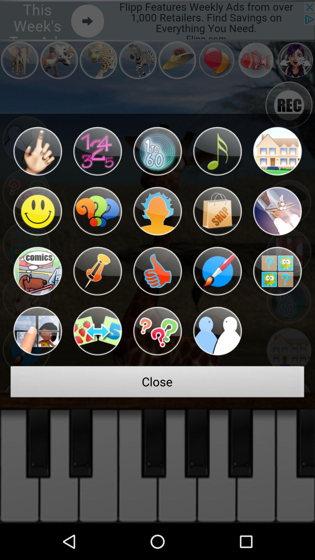  Describe the element at coordinates (37, 271) in the screenshot. I see `game` at that location.